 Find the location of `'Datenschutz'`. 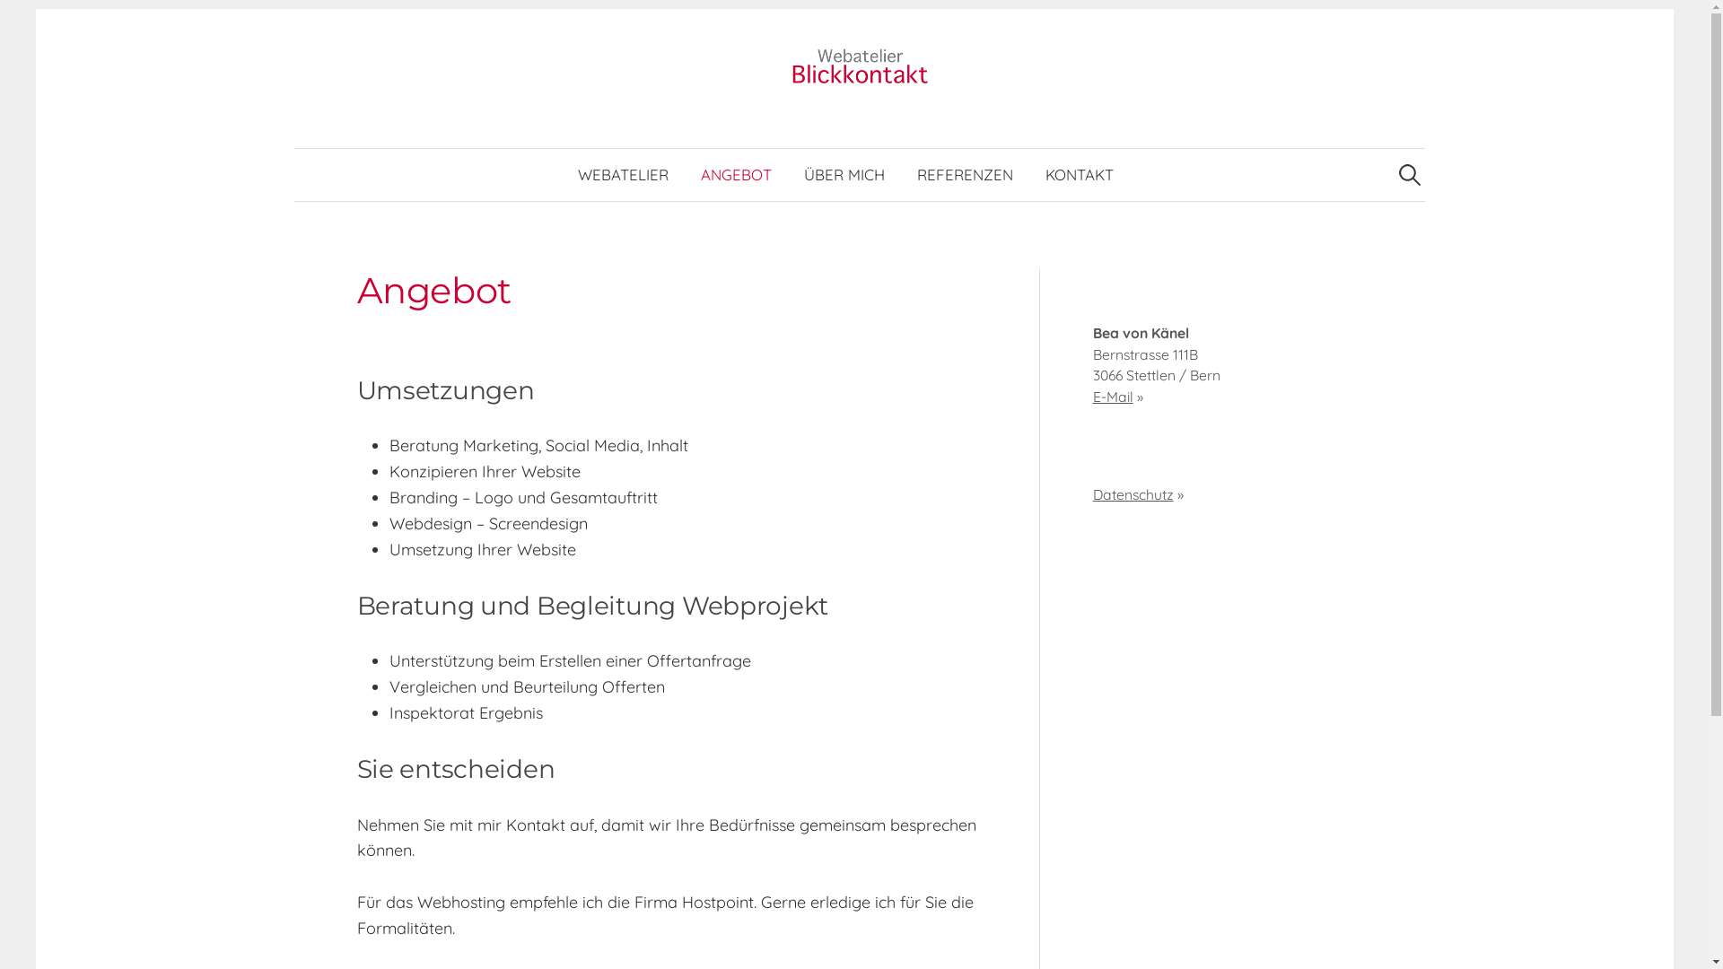

'Datenschutz' is located at coordinates (1132, 494).